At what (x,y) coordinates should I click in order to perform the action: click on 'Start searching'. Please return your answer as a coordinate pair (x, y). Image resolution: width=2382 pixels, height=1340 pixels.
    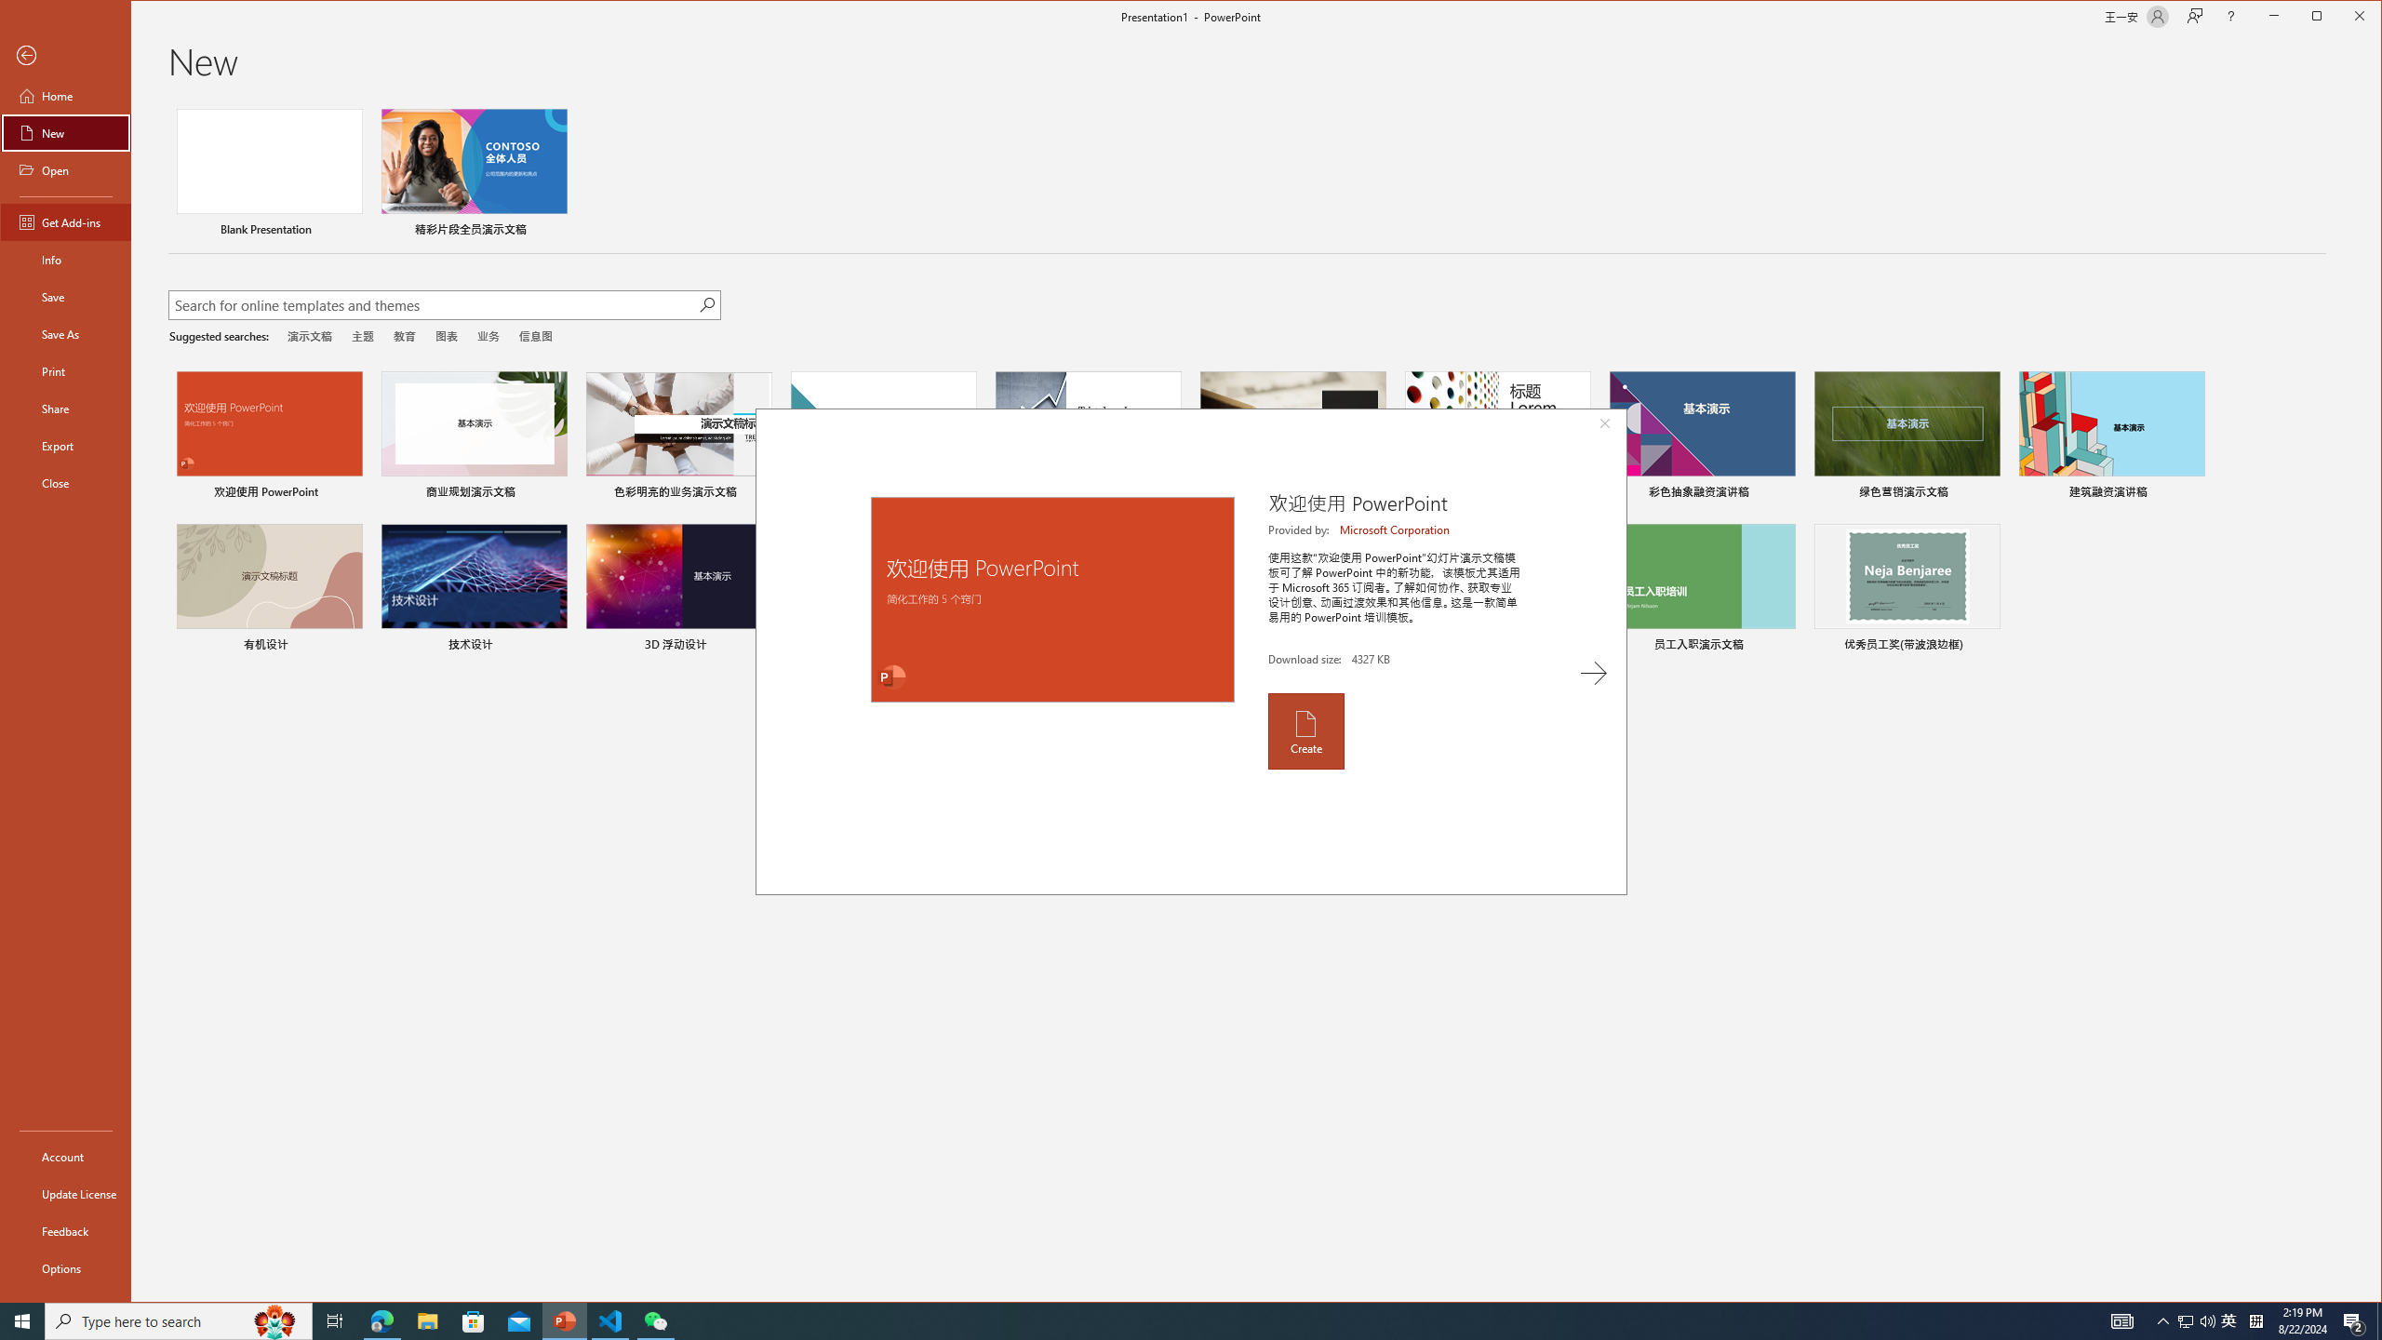
    Looking at the image, I should click on (705, 303).